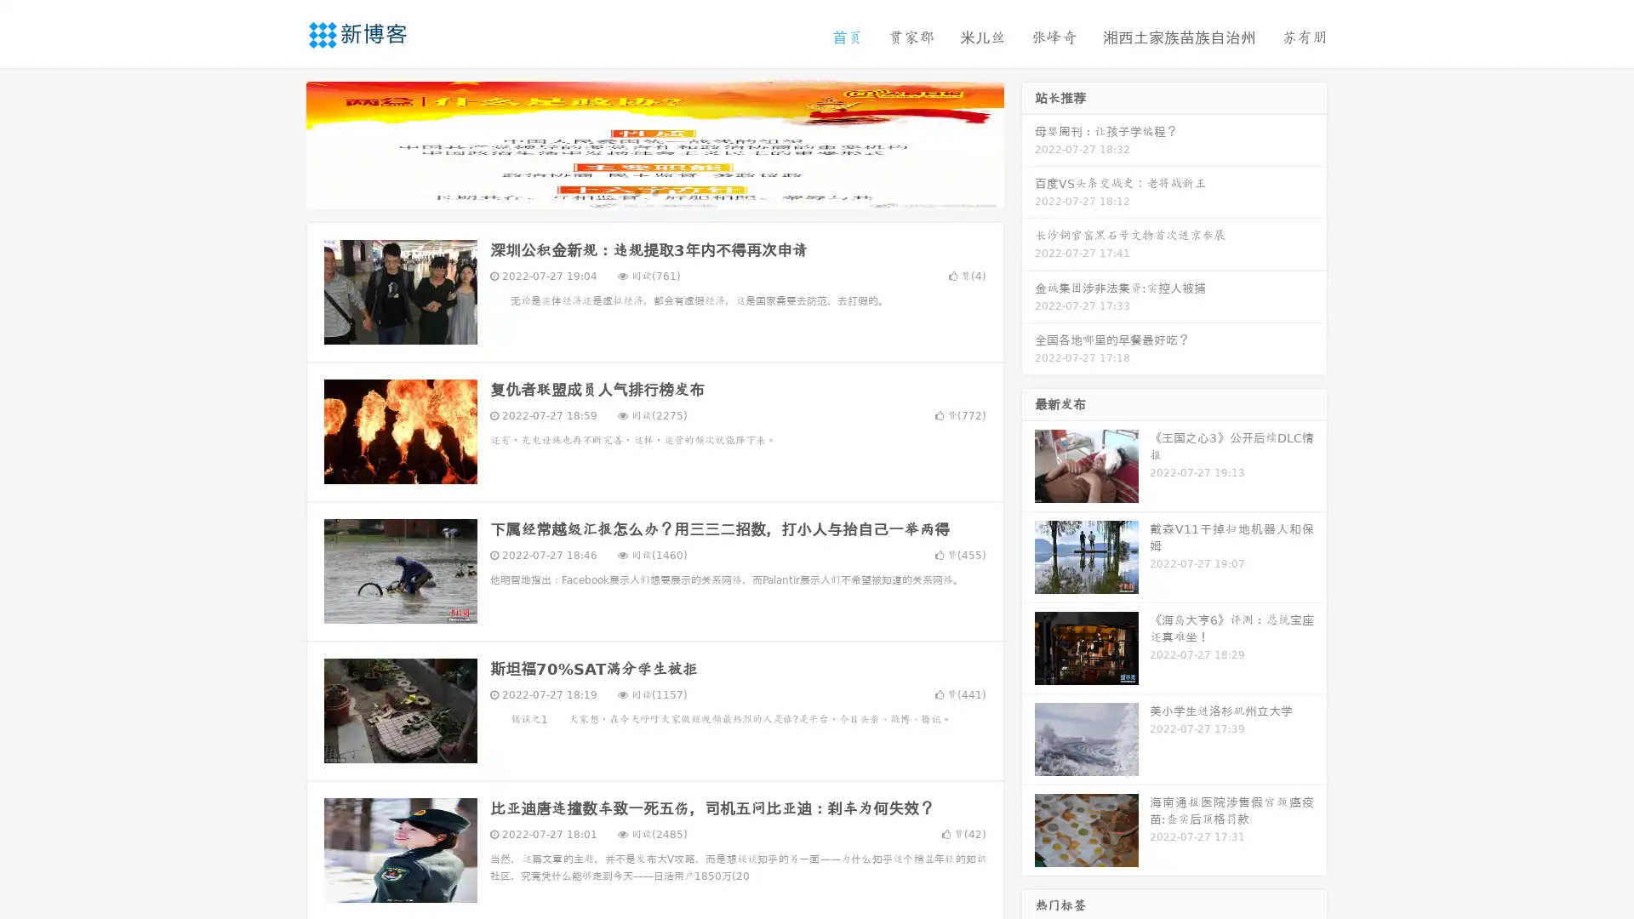  What do you see at coordinates (1028, 143) in the screenshot?
I see `Next slide` at bounding box center [1028, 143].